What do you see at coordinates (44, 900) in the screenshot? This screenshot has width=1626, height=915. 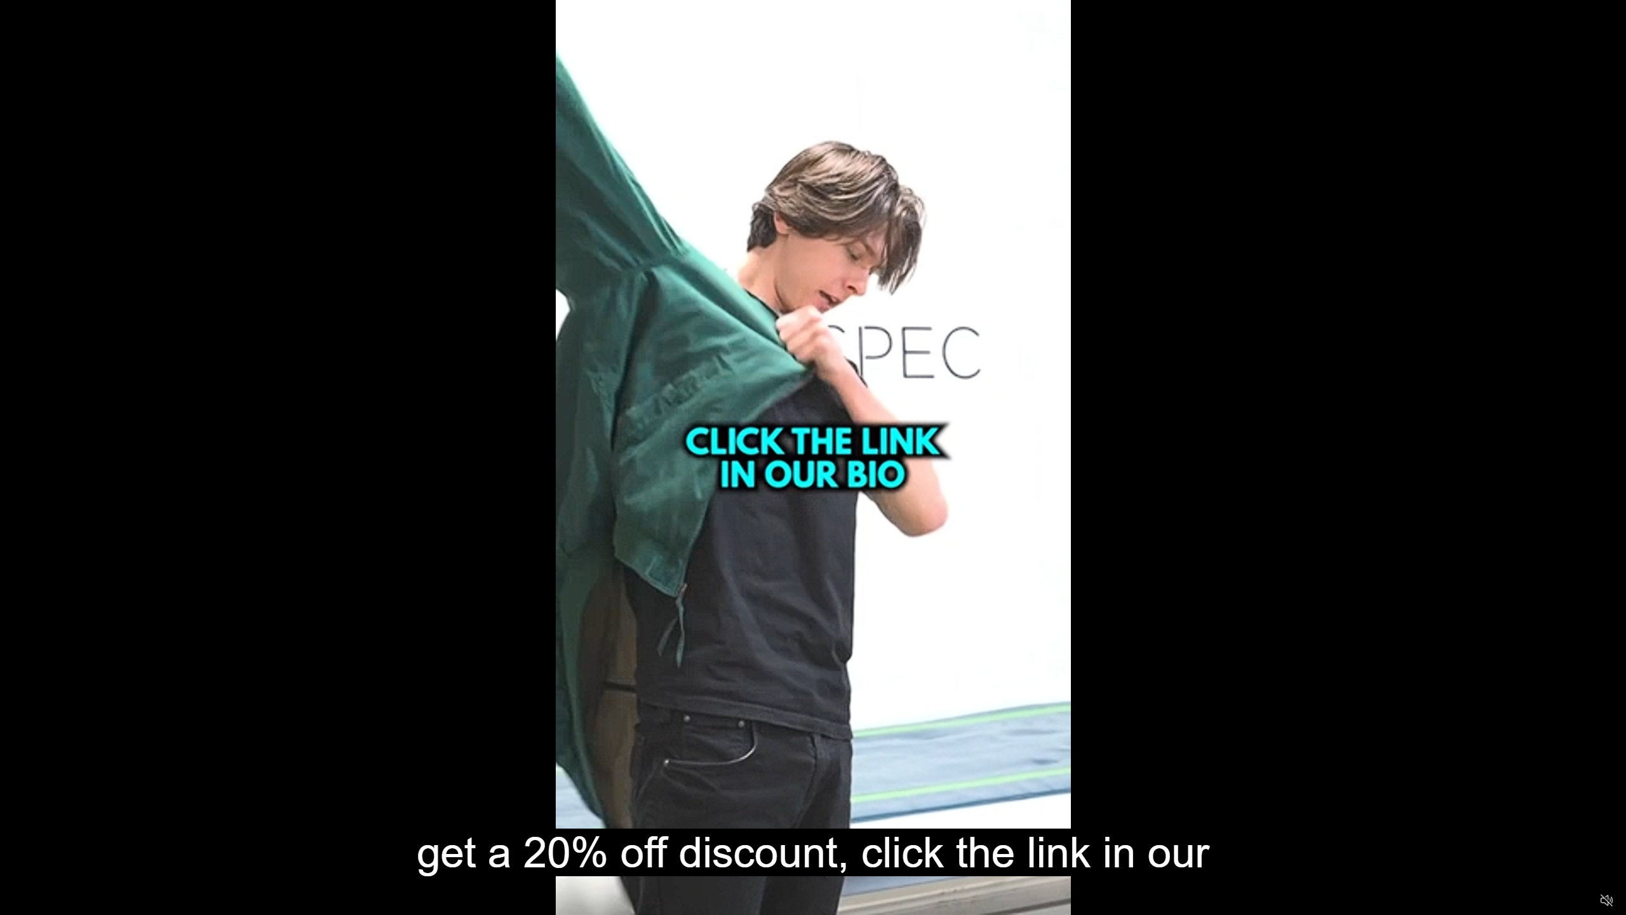 I see `'Seek Back'` at bounding box center [44, 900].